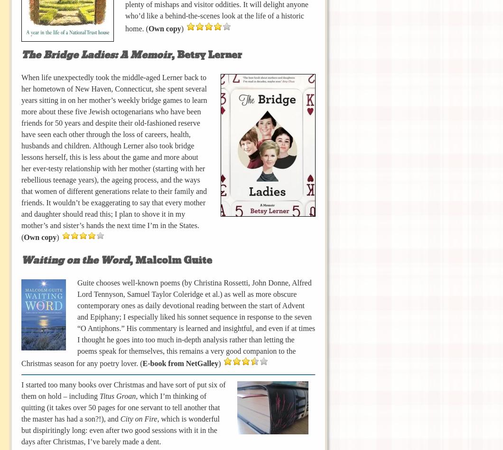 This screenshot has height=450, width=503. What do you see at coordinates (123, 389) in the screenshot?
I see `'I started too many books over Christmas and have sort of put six of them on hold – including'` at bounding box center [123, 389].